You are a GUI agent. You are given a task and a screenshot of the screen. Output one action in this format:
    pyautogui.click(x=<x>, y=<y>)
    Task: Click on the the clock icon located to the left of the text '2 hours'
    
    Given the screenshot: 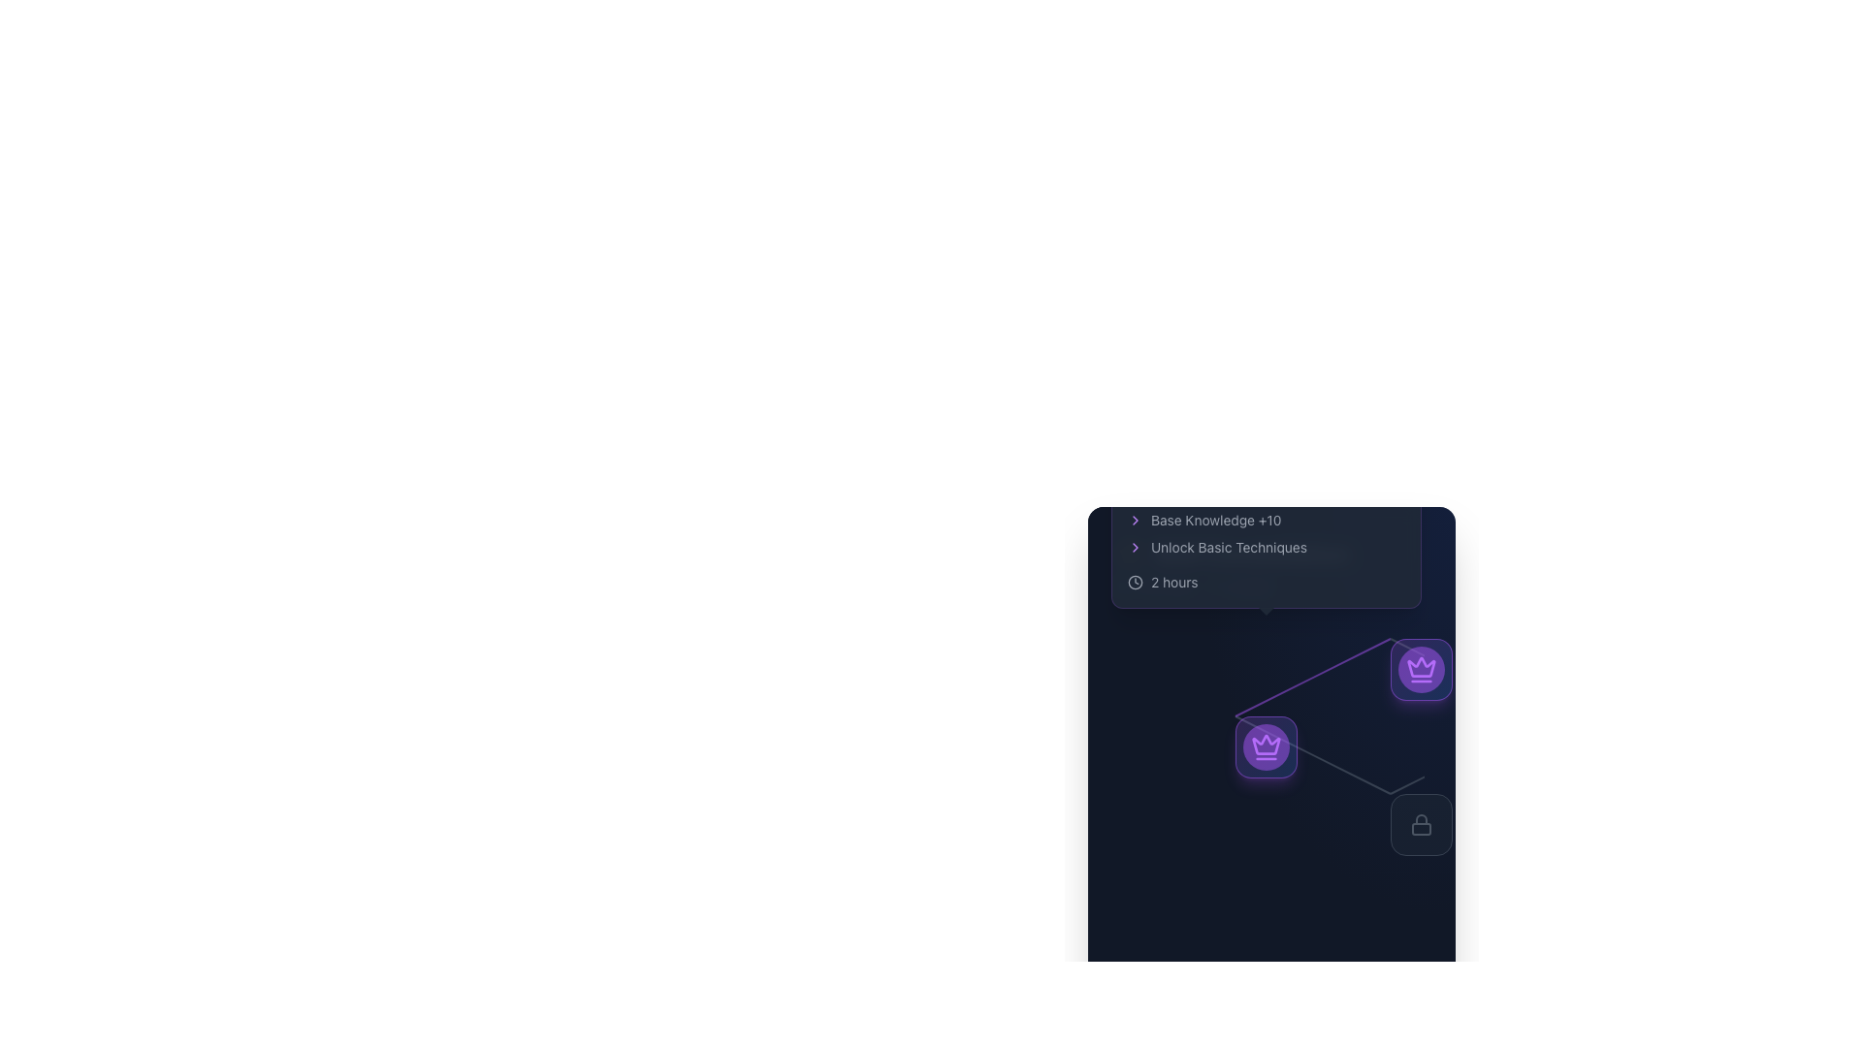 What is the action you would take?
    pyautogui.click(x=1136, y=582)
    